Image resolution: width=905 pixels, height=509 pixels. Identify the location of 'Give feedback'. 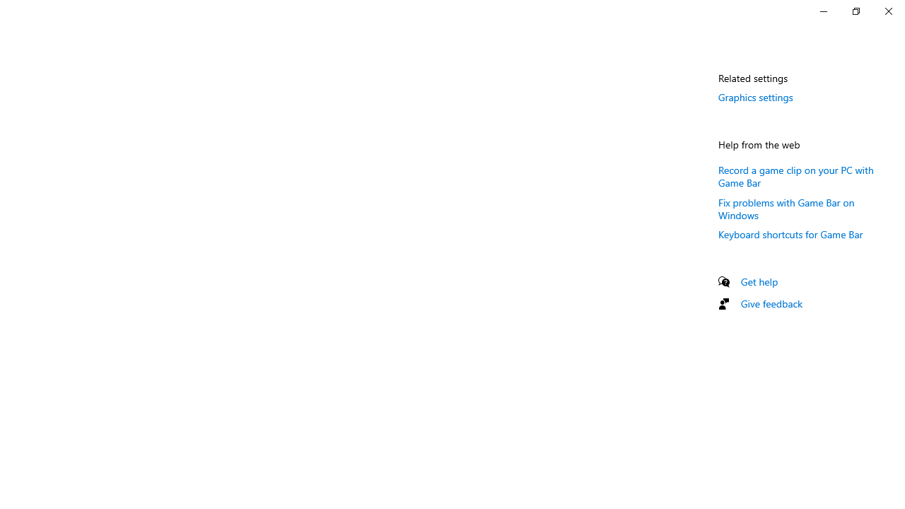
(771, 303).